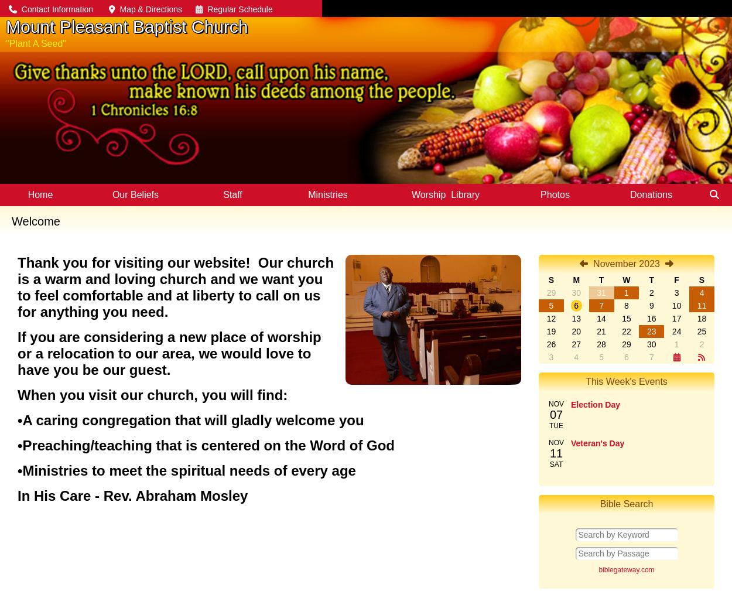 The height and width of the screenshot is (591, 732). Describe the element at coordinates (6, 26) in the screenshot. I see `'Mount Pleasant Baptist Church'` at that location.